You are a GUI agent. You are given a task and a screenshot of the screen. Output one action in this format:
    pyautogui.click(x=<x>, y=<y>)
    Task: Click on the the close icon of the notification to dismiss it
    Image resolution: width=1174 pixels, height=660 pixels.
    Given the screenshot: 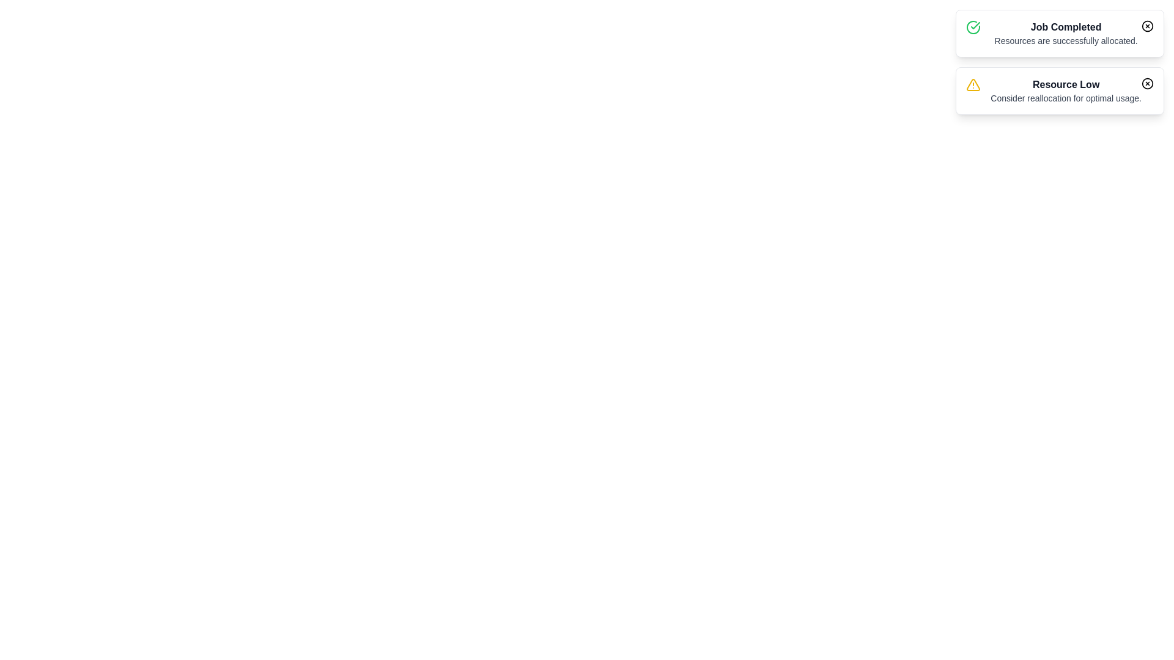 What is the action you would take?
    pyautogui.click(x=1146, y=26)
    